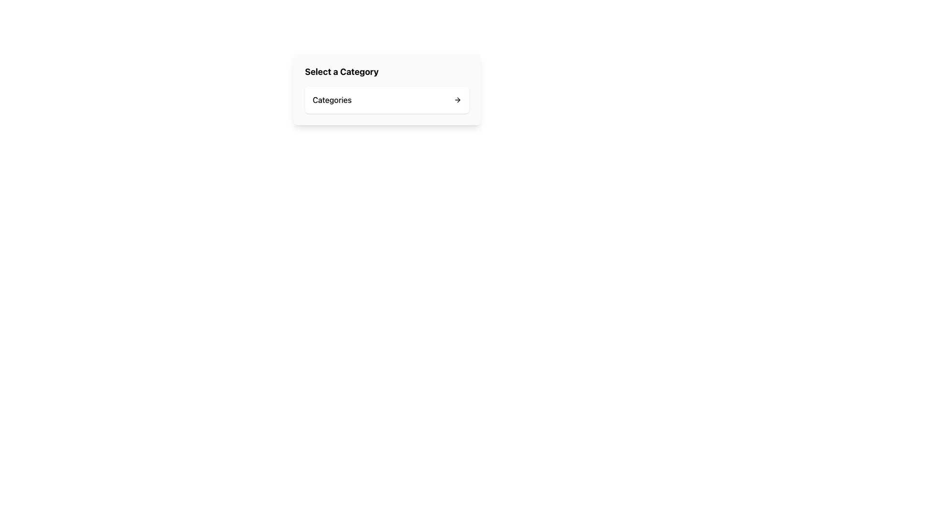 This screenshot has height=522, width=928. I want to click on the navigation icon located at the right end of the 'Categories' button area, so click(457, 100).